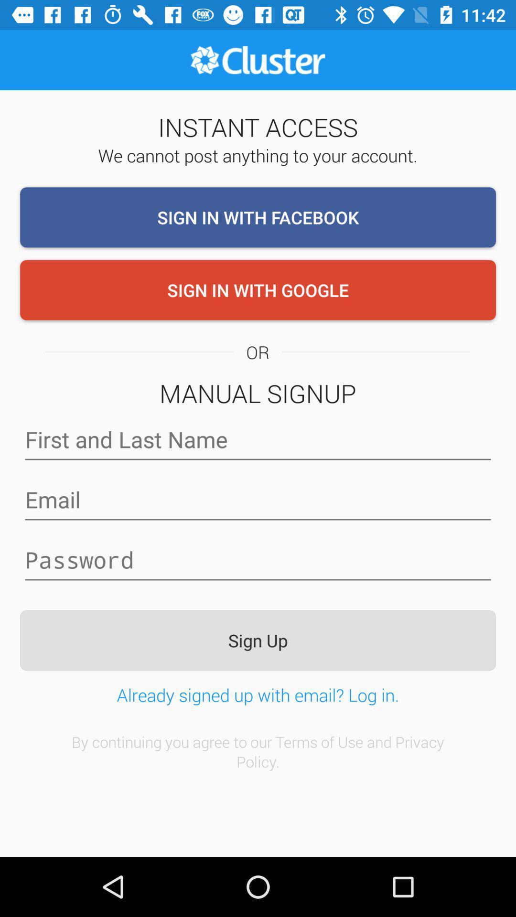  What do you see at coordinates (258, 439) in the screenshot?
I see `your full name` at bounding box center [258, 439].